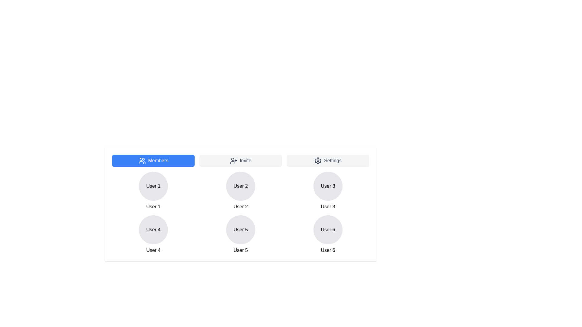  Describe the element at coordinates (153, 250) in the screenshot. I see `the text label identifying 'User 4' in the Members group` at that location.